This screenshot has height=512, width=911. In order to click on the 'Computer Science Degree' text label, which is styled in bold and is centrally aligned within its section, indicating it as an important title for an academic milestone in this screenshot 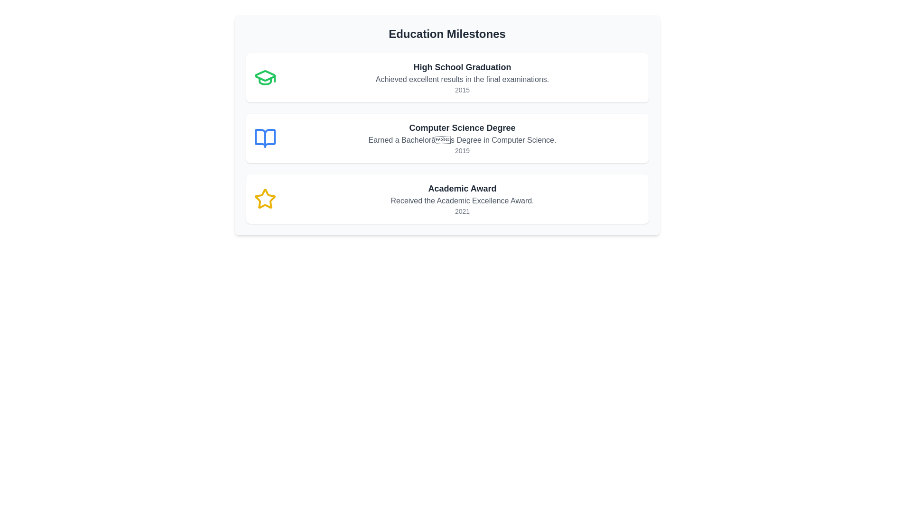, I will do `click(462, 128)`.